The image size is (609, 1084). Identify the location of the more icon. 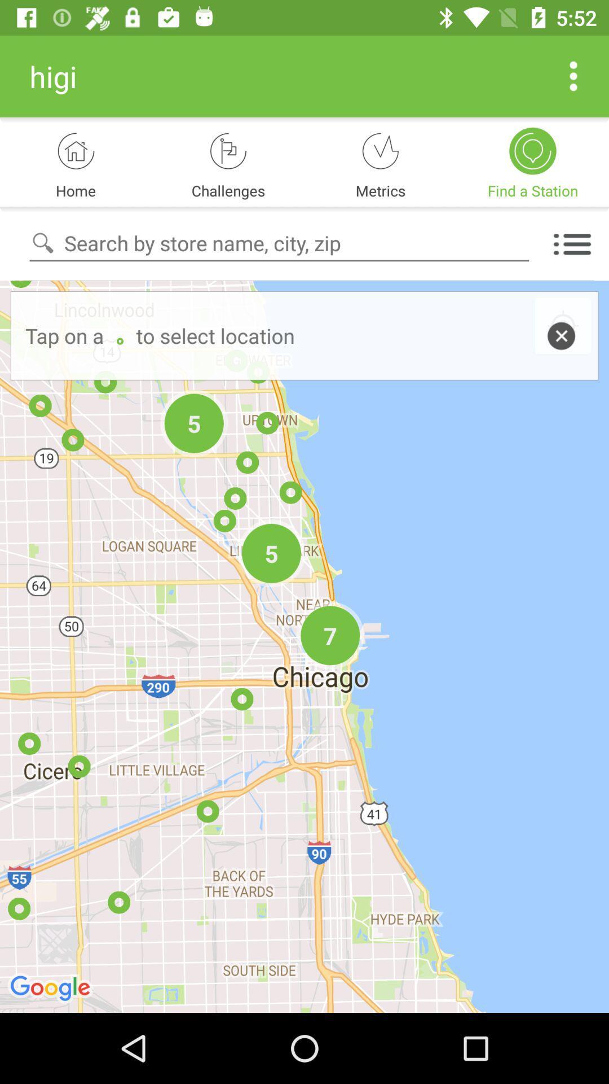
(573, 75).